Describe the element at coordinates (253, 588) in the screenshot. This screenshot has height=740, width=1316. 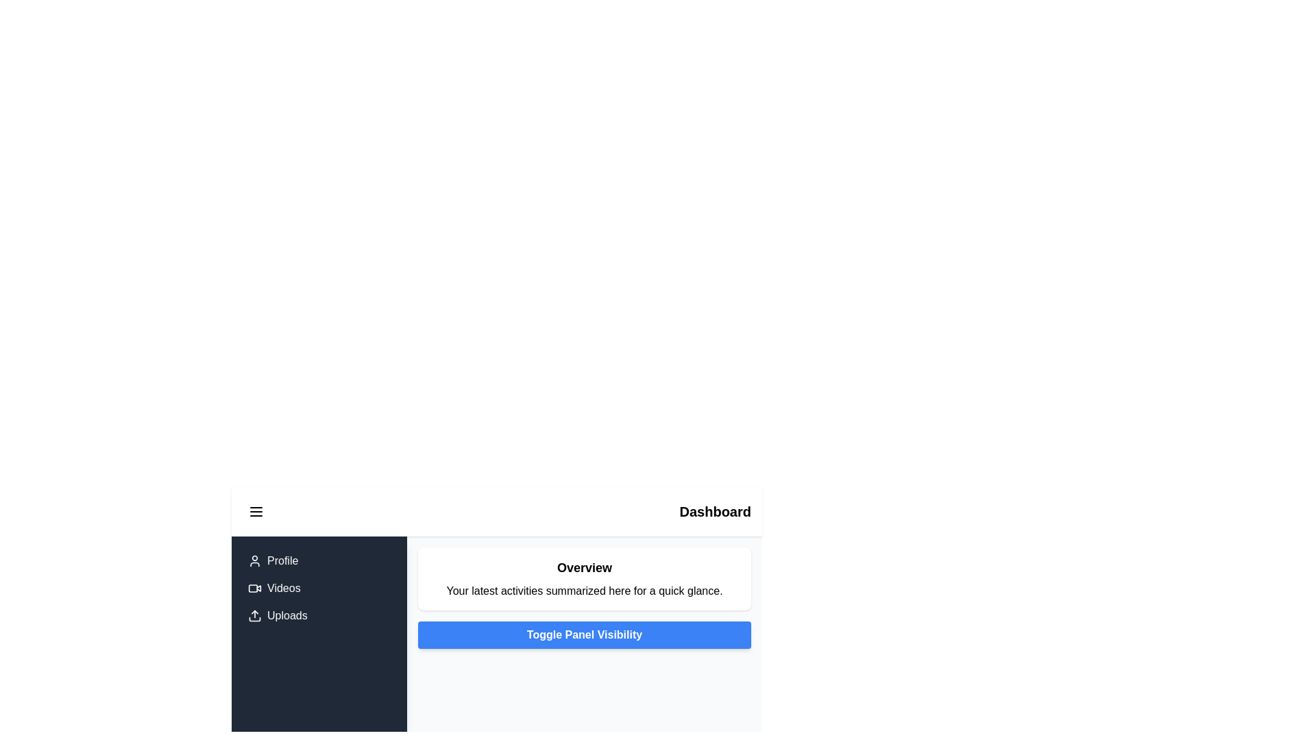
I see `the second rectangle with rounded corners within the SVG group representing a video icon on the sidebar menu` at that location.